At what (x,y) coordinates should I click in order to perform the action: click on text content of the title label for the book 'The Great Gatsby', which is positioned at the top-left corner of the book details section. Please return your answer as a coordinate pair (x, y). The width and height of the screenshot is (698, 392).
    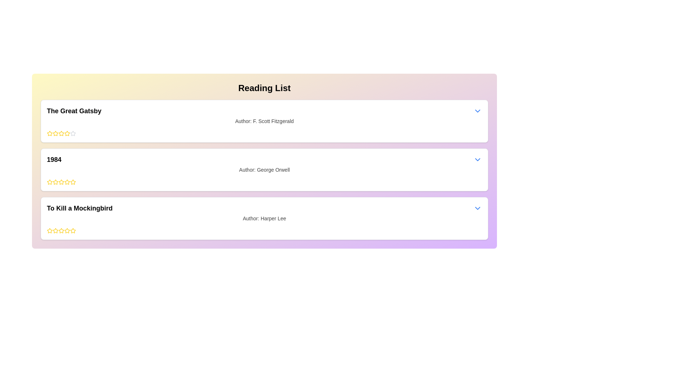
    Looking at the image, I should click on (74, 111).